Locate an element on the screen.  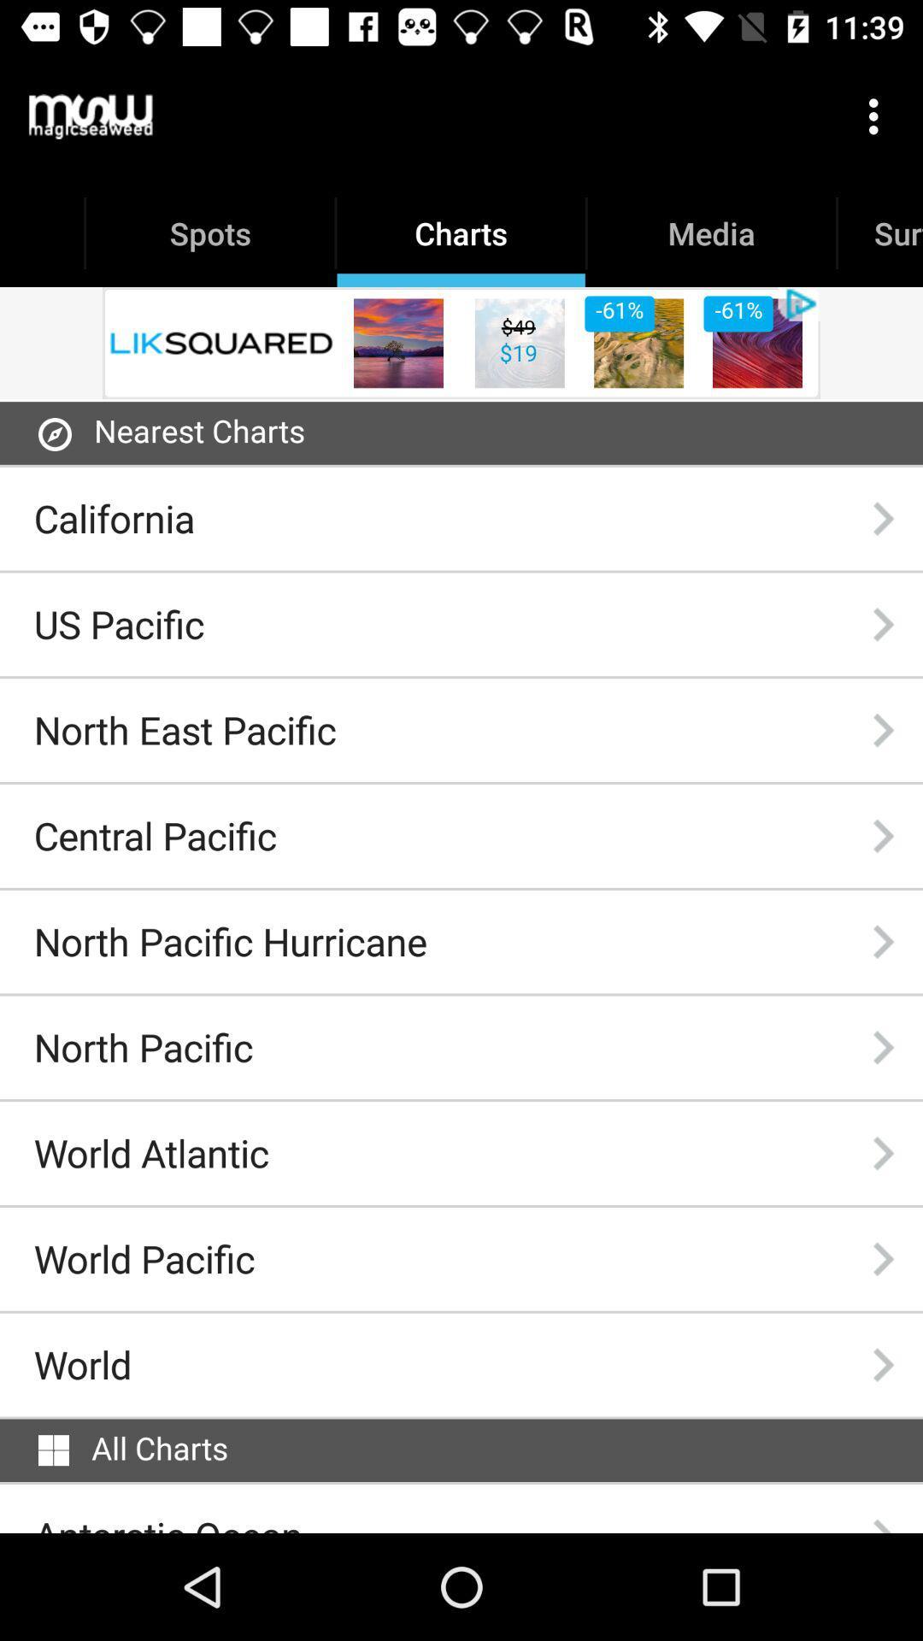
icon above the antarctic ocean is located at coordinates (52, 1450).